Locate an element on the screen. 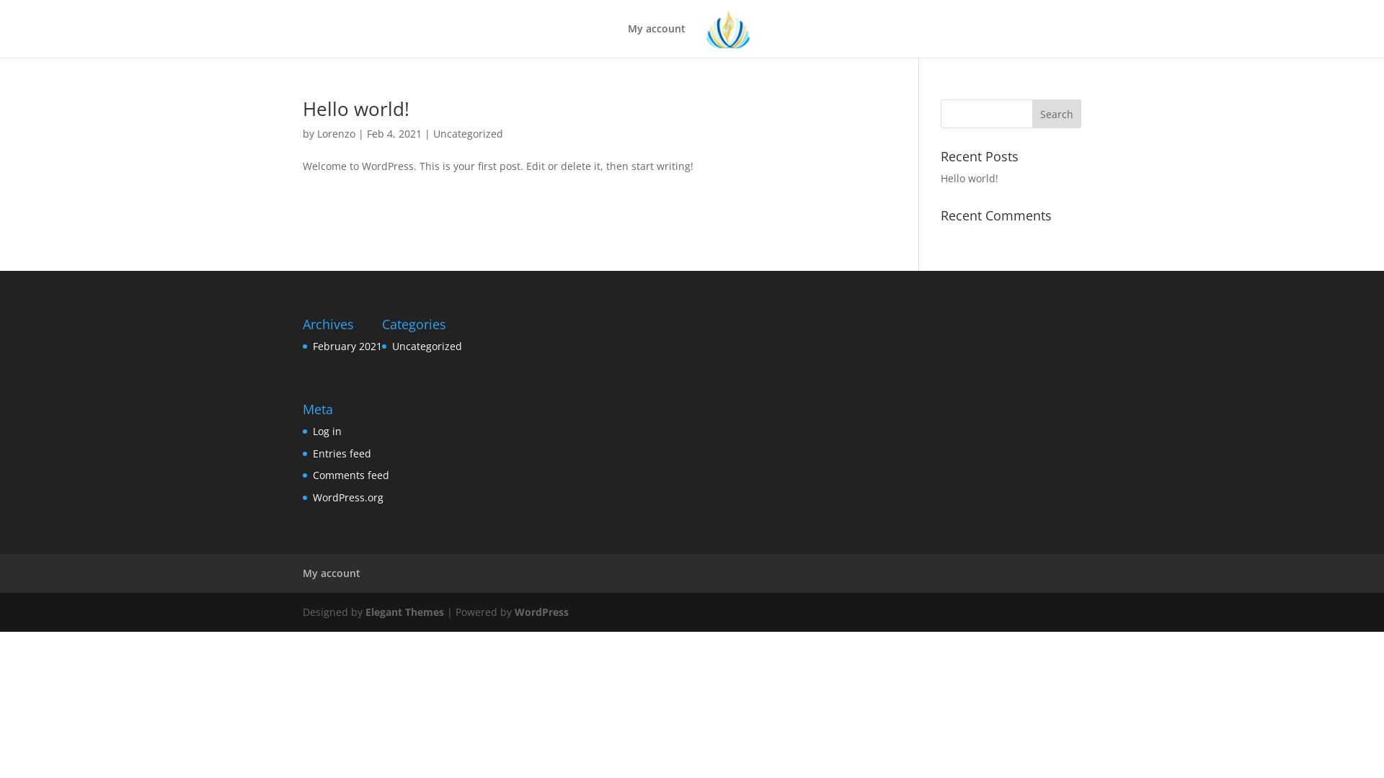 The width and height of the screenshot is (1384, 778). 'Uncategorized' is located at coordinates (468, 133).